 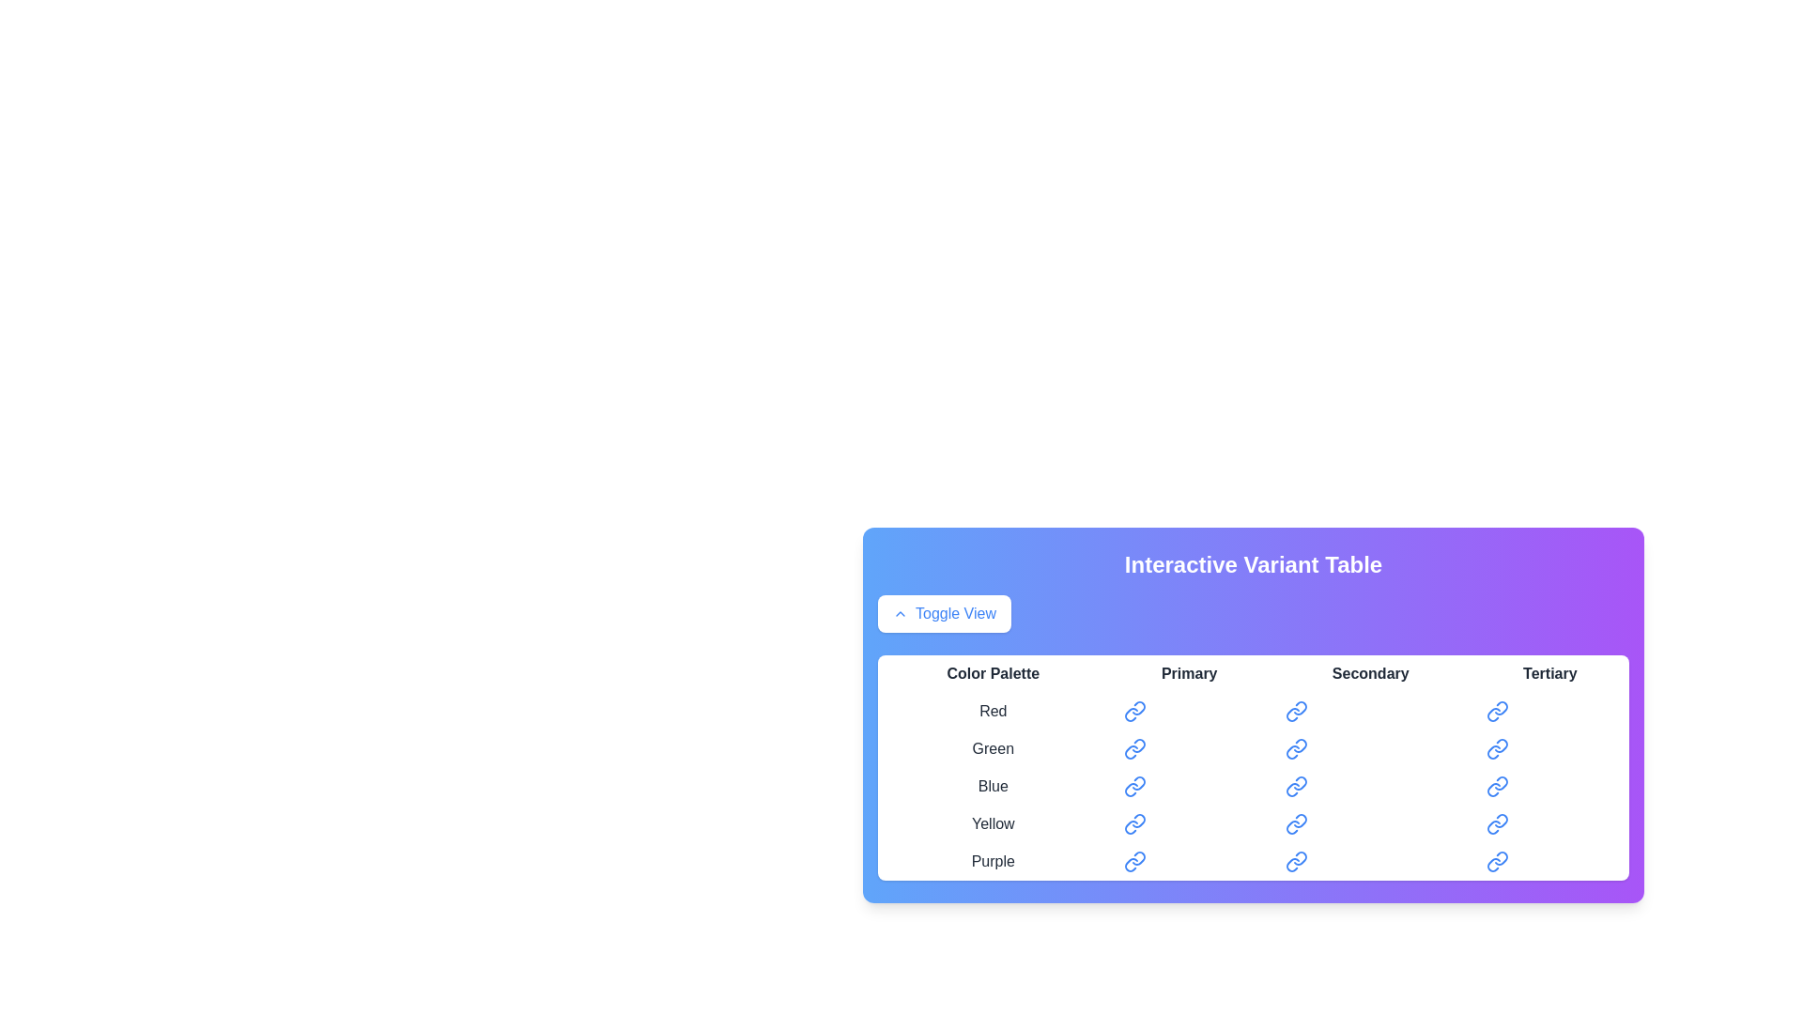 What do you see at coordinates (1500, 783) in the screenshot?
I see `the blue icon segment in the 'Tertiary' column under the 'Blue' row of the Interactive Variant Table` at bounding box center [1500, 783].